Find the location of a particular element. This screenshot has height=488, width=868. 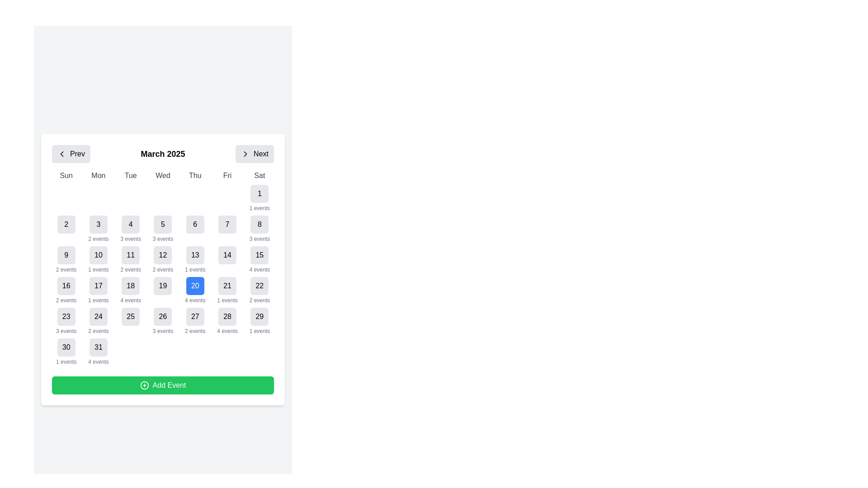

the informational Text label that displays the number of events scheduled on the date '11th' in the calendar grid is located at coordinates (130, 269).